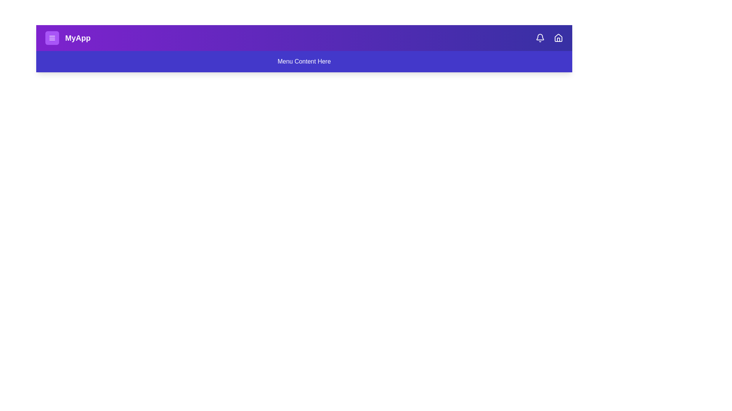  I want to click on menu button to toggle the menu visibility, so click(52, 38).